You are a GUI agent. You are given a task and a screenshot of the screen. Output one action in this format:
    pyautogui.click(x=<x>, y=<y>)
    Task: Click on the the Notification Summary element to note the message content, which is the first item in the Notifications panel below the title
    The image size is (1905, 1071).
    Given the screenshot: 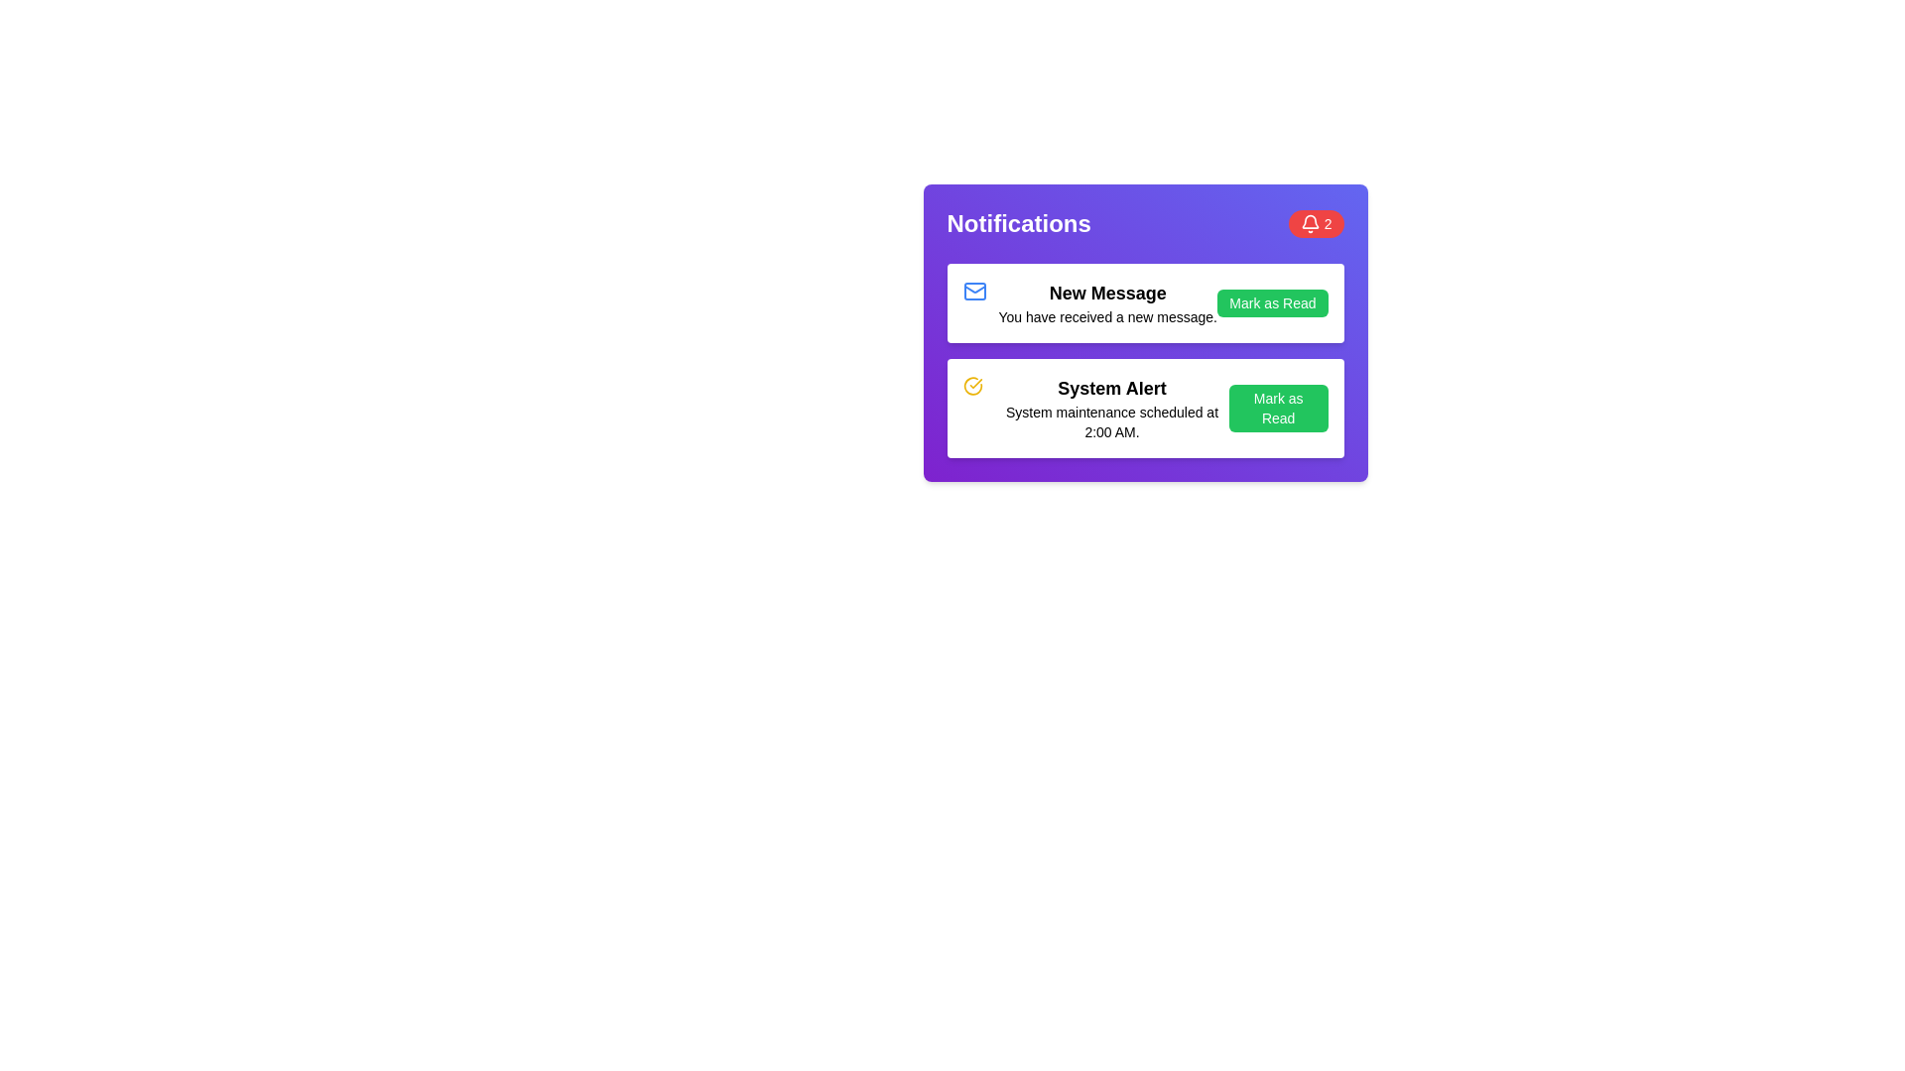 What is the action you would take?
    pyautogui.click(x=1088, y=302)
    